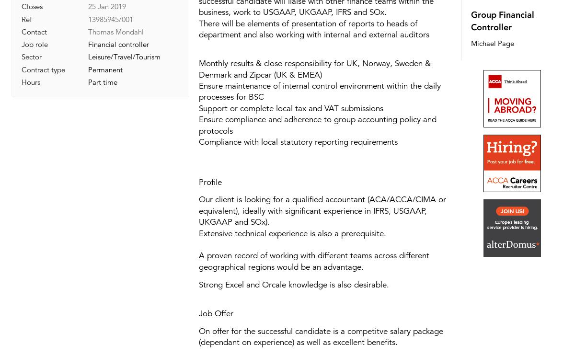 The width and height of the screenshot is (575, 356). Describe the element at coordinates (293, 284) in the screenshot. I see `'Strong Excel and Orcale knowledge is also desirable.'` at that location.